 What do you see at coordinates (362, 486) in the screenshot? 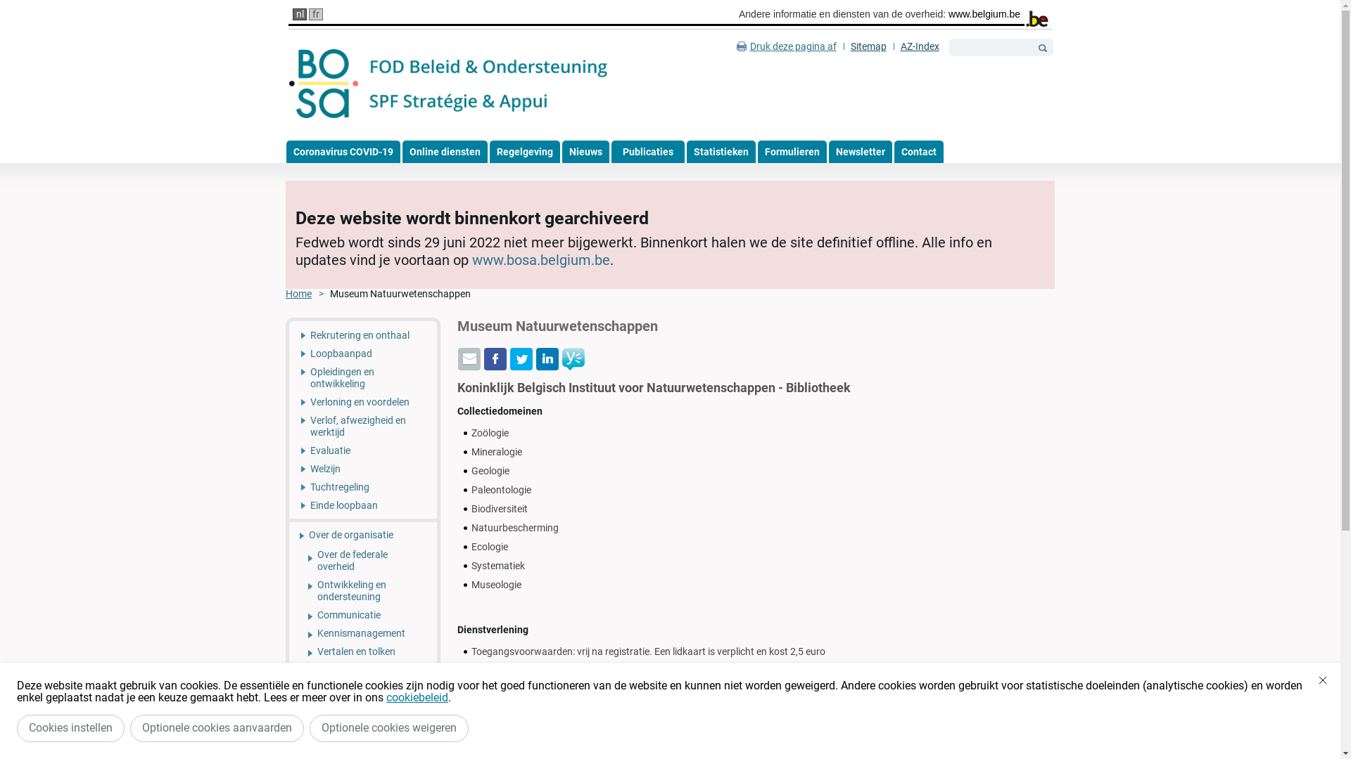
I see `'Tuchtregeling'` at bounding box center [362, 486].